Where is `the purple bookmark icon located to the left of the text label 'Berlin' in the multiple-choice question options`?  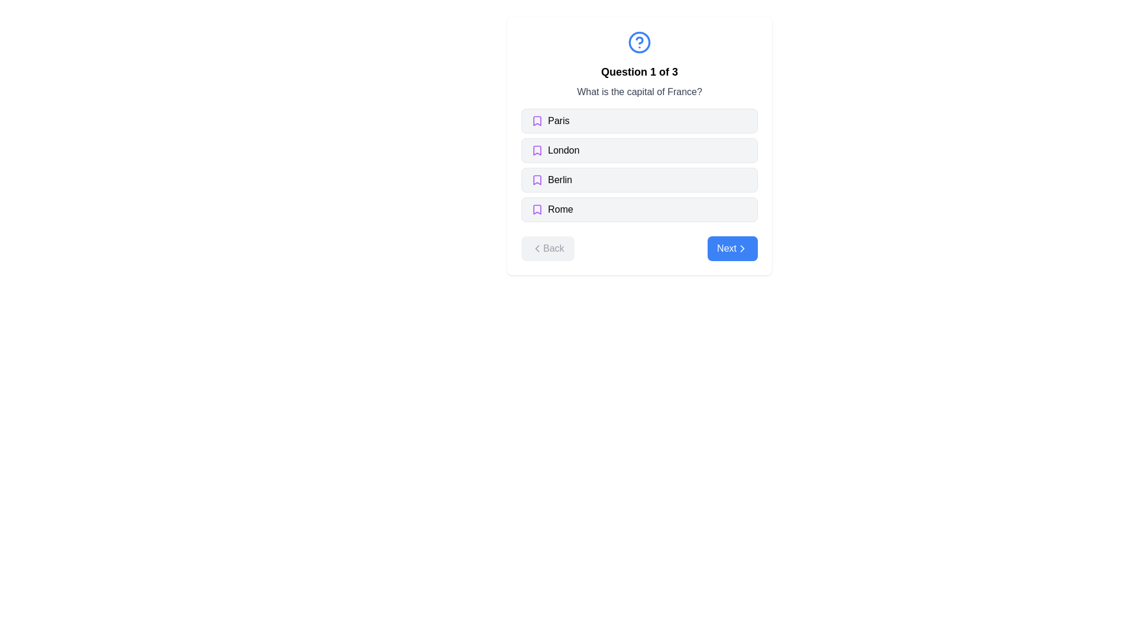
the purple bookmark icon located to the left of the text label 'Berlin' in the multiple-choice question options is located at coordinates (536, 180).